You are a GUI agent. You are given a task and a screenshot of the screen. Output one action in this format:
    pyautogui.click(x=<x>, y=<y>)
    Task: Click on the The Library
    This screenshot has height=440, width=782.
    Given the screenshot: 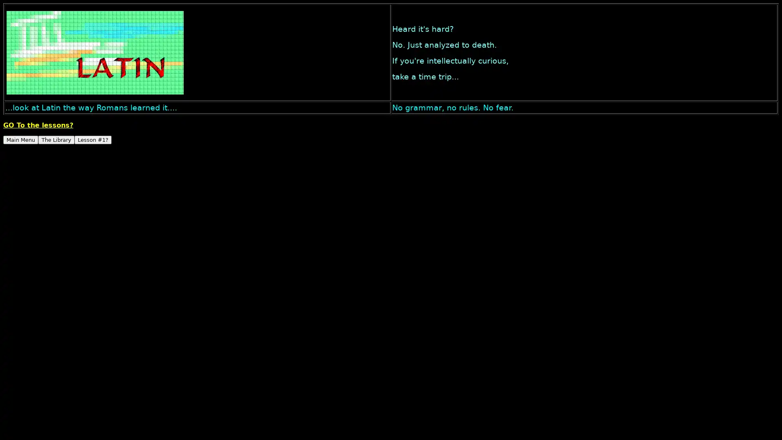 What is the action you would take?
    pyautogui.click(x=56, y=139)
    